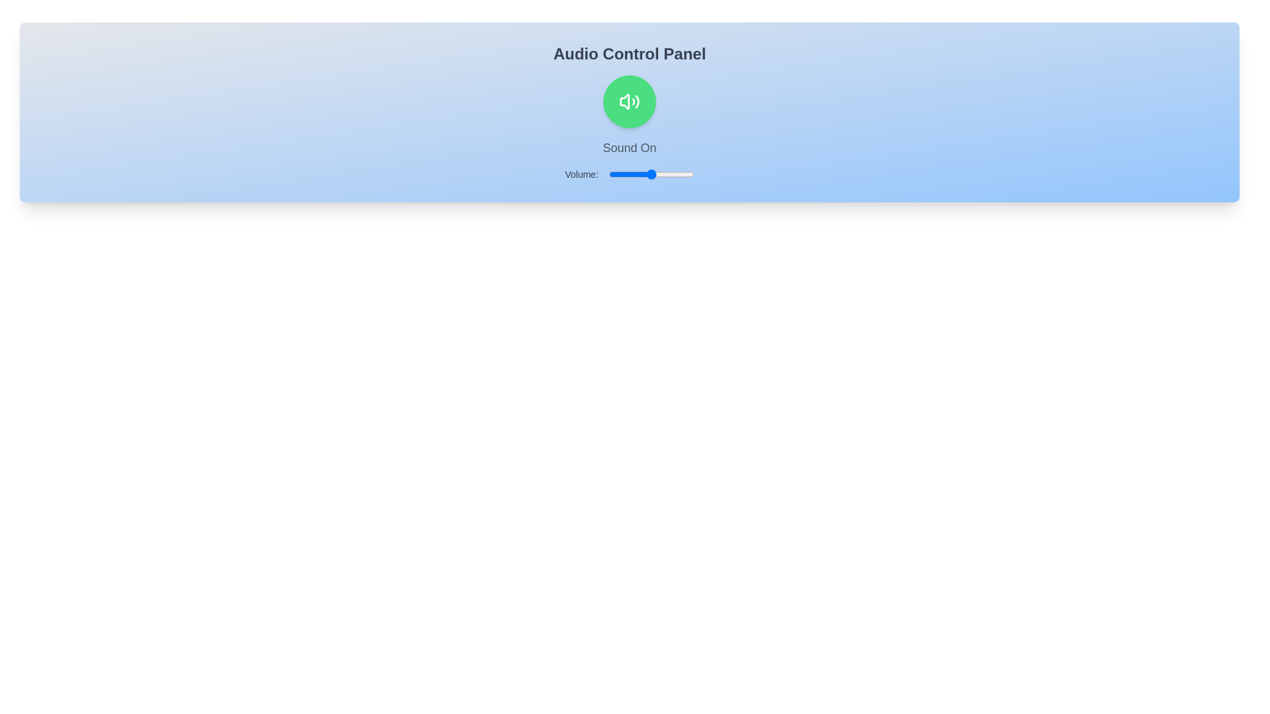  I want to click on the volume slider to set the volume to 66%, so click(665, 173).